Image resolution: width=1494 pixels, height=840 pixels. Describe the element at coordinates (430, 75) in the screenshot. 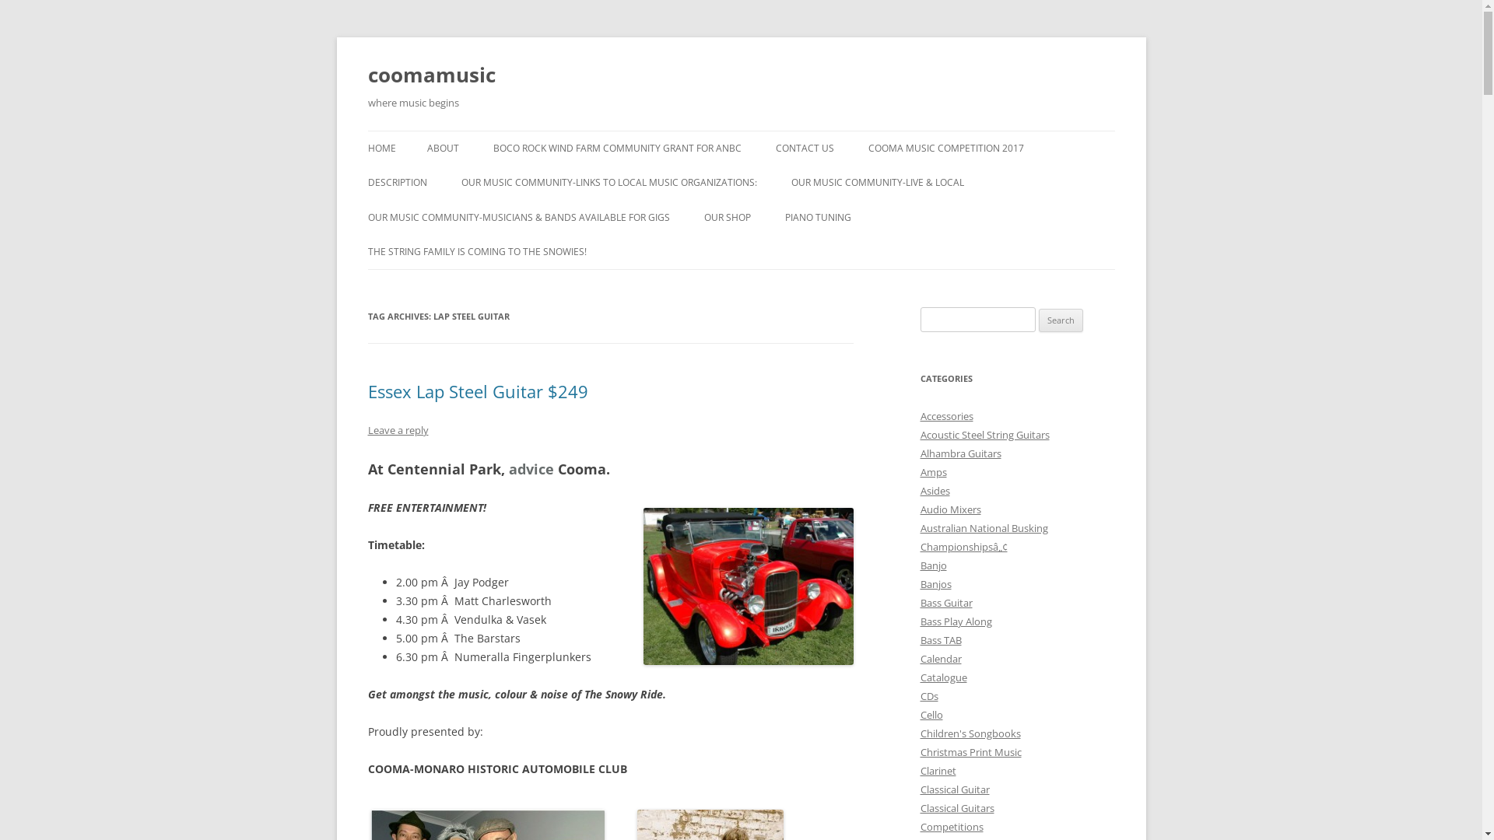

I see `'coomamusic'` at that location.